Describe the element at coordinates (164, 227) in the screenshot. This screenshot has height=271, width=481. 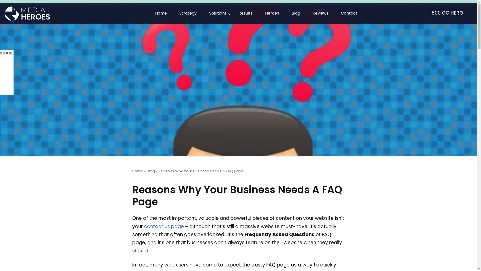
I see `'contact us page'` at that location.